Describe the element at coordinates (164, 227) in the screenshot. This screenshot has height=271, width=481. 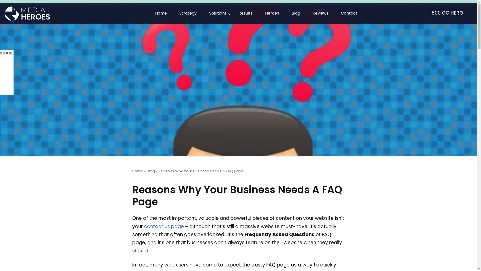
I see `'contact us page'` at that location.